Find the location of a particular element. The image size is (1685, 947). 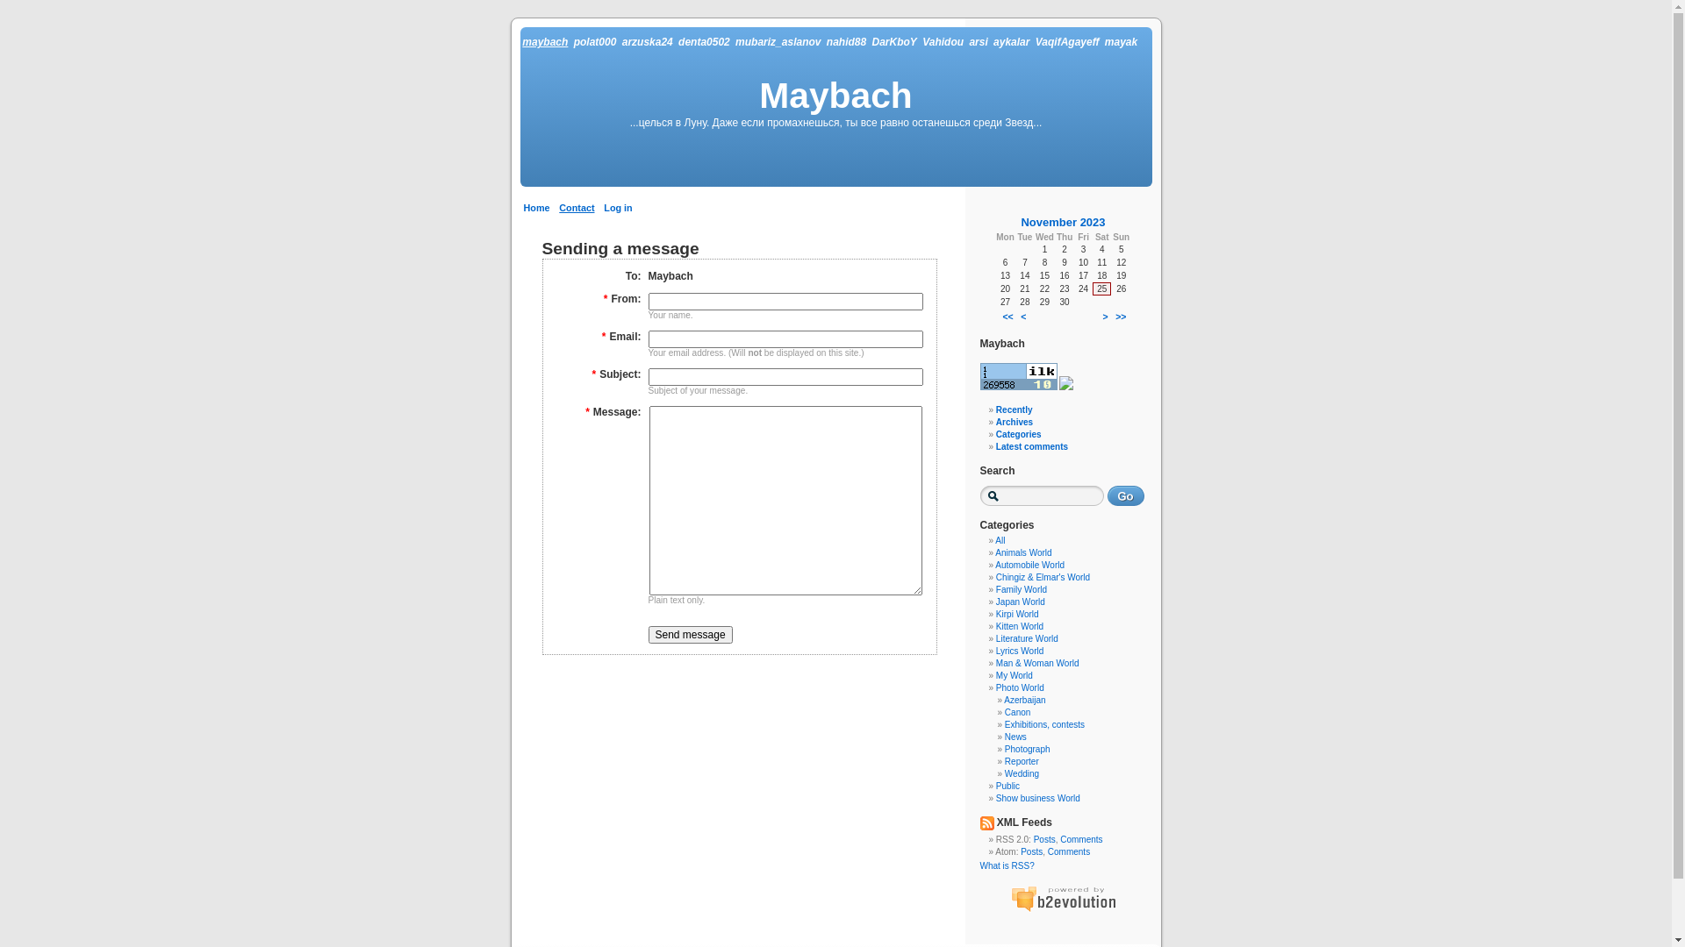

'Home' is located at coordinates (534, 206).